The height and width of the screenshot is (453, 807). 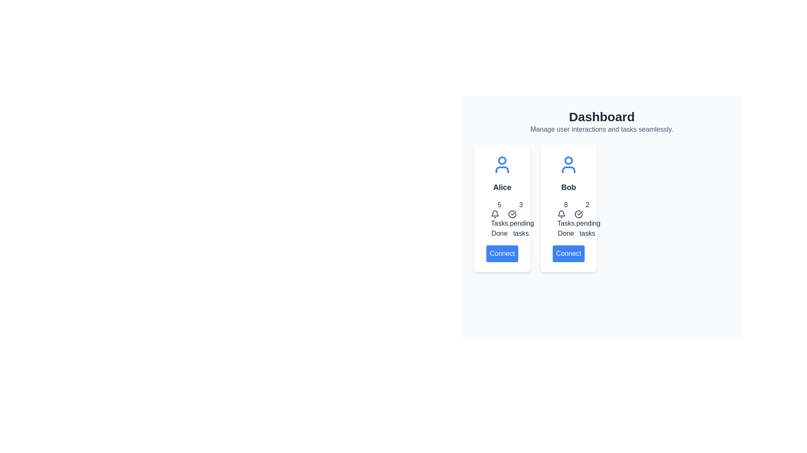 What do you see at coordinates (601, 122) in the screenshot?
I see `text from the Header Section located at the top-center of the layout, which serves as the title for the page` at bounding box center [601, 122].